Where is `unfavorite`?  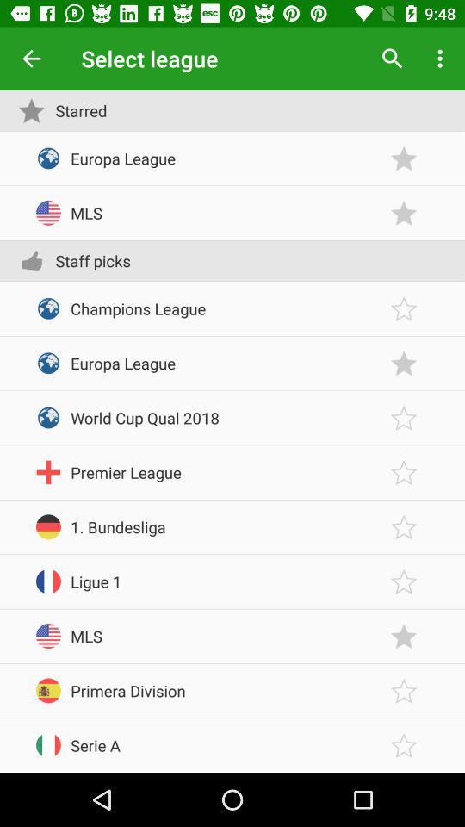
unfavorite is located at coordinates (404, 363).